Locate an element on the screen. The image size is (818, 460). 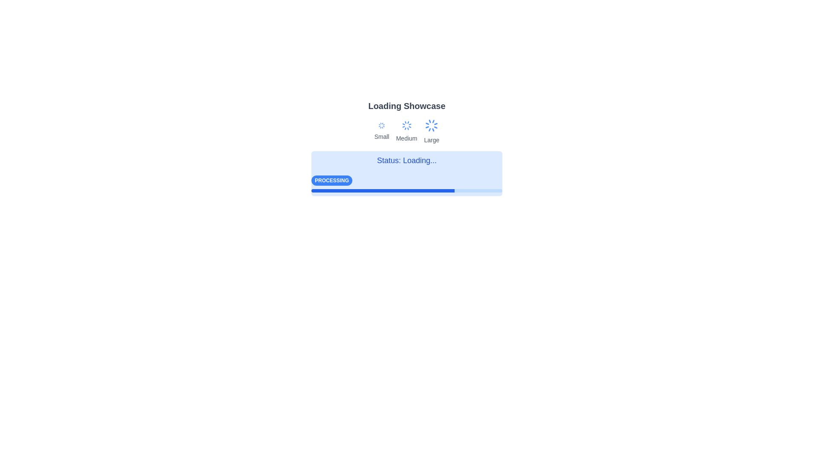
the static text label that displays the word 'Small', styled in subtle gray color and located below the first spinning loader icon is located at coordinates (381, 136).